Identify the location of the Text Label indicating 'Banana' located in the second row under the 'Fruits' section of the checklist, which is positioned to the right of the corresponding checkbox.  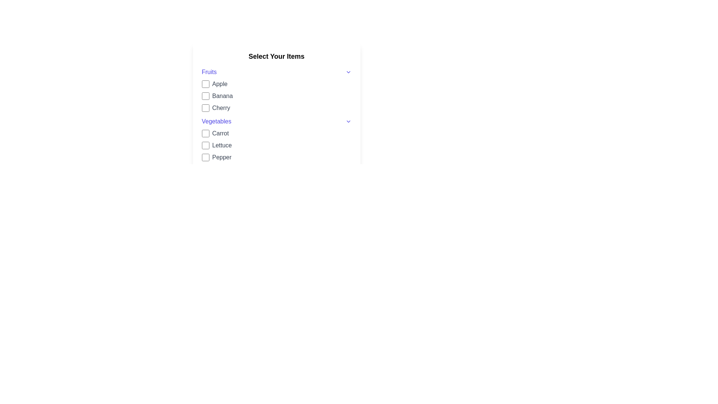
(222, 96).